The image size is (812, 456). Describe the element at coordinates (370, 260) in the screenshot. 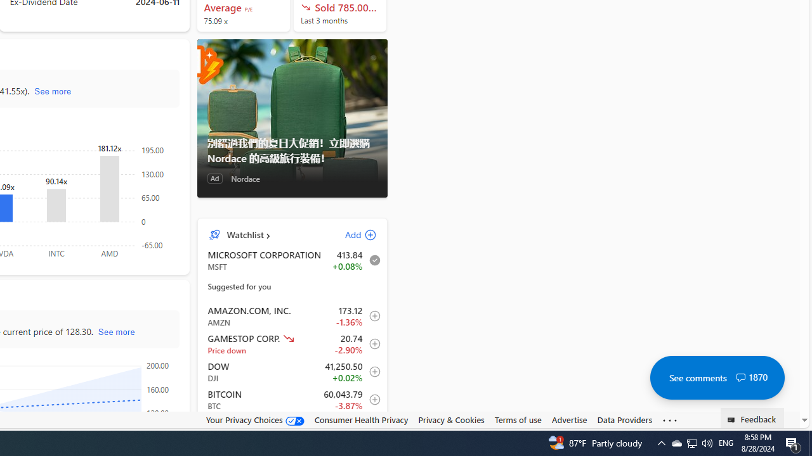

I see `'Remove from watchlist'` at that location.